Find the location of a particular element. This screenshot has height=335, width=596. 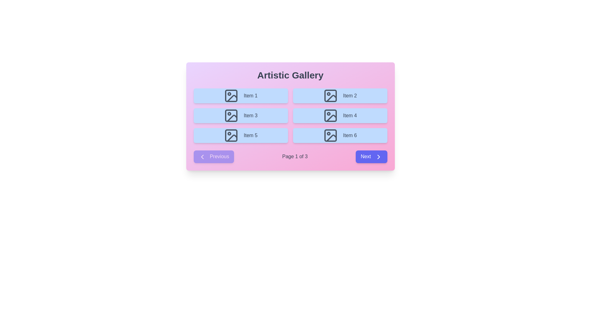

current page number displayed in the center of the pagination control bar, which shows 'Page 1 of 3' is located at coordinates (290, 156).